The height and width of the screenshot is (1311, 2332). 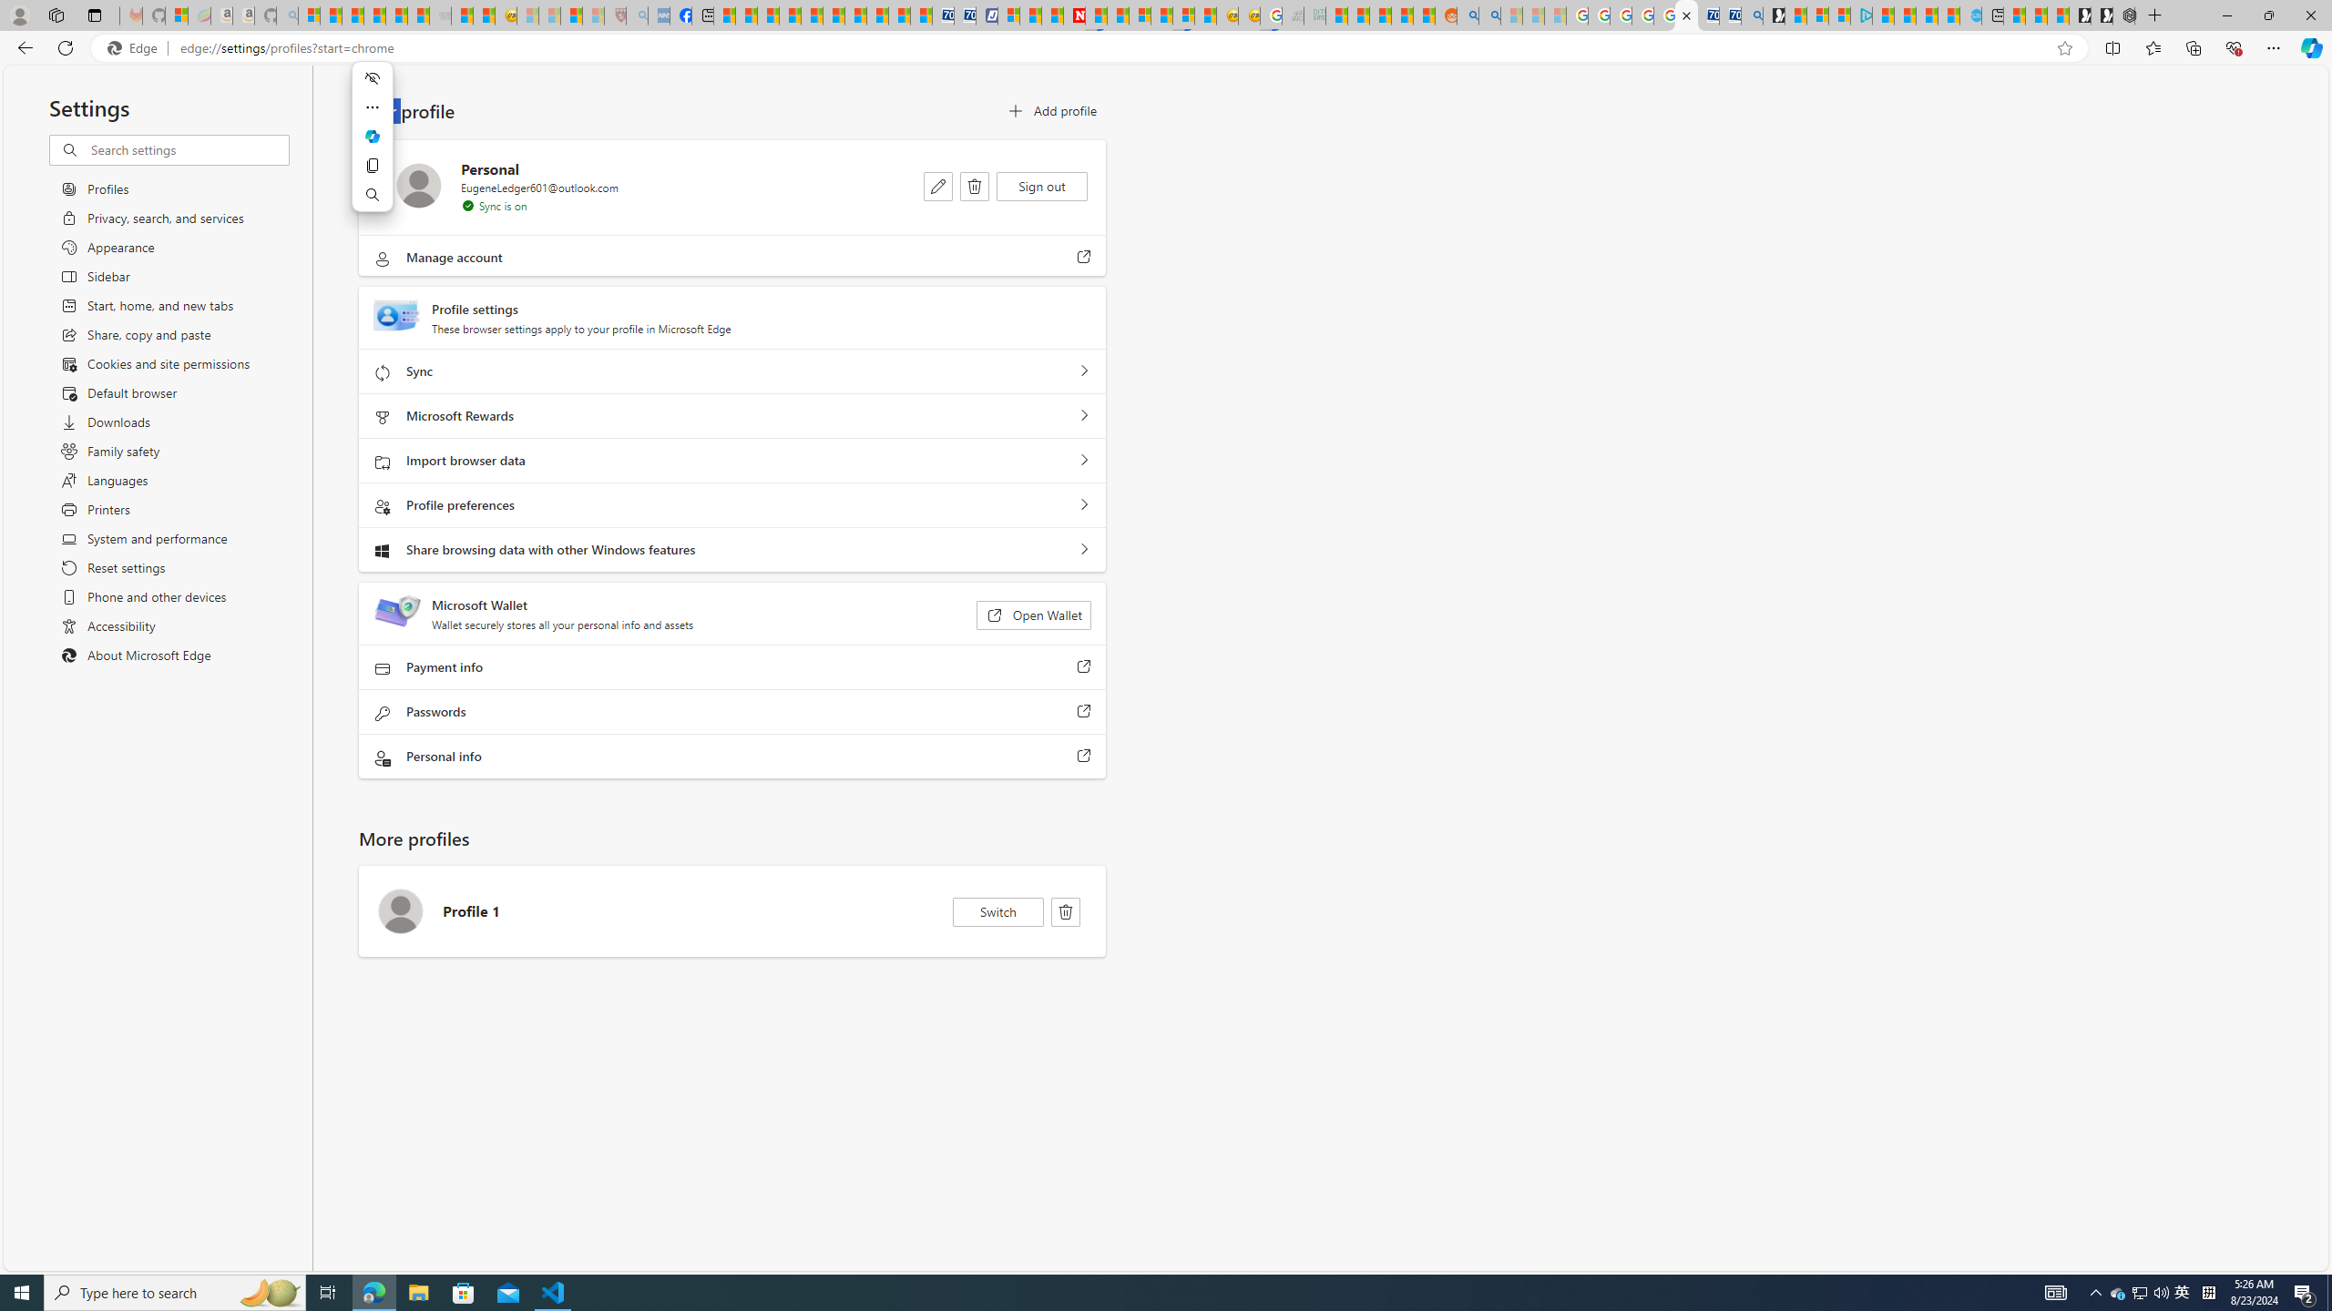 I want to click on 'Delete', so click(x=1066, y=912).